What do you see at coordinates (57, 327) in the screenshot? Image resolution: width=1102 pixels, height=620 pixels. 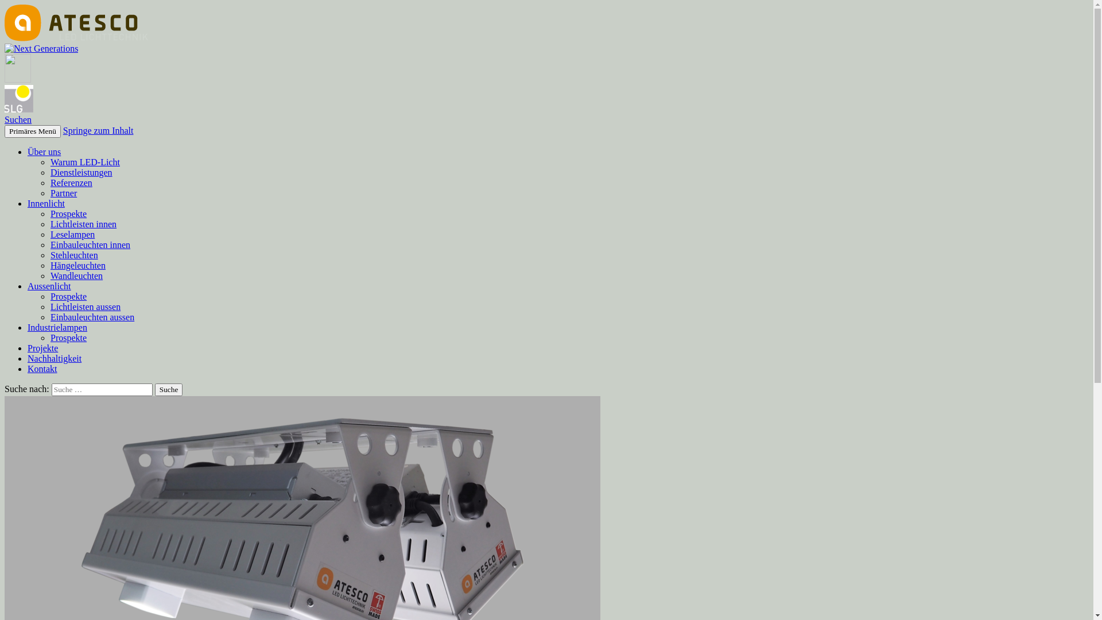 I see `'Industrielampen'` at bounding box center [57, 327].